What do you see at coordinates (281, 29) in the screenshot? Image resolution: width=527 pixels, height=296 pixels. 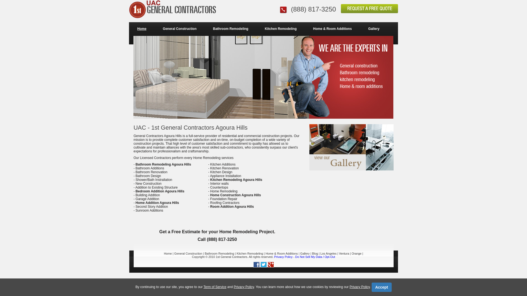 I see `'Kitchen Remodeling'` at bounding box center [281, 29].